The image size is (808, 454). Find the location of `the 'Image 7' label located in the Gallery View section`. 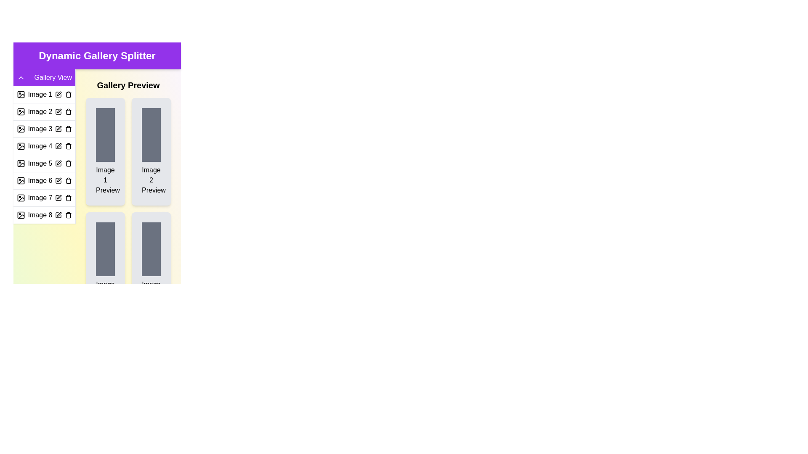

the 'Image 7' label located in the Gallery View section is located at coordinates (40, 198).